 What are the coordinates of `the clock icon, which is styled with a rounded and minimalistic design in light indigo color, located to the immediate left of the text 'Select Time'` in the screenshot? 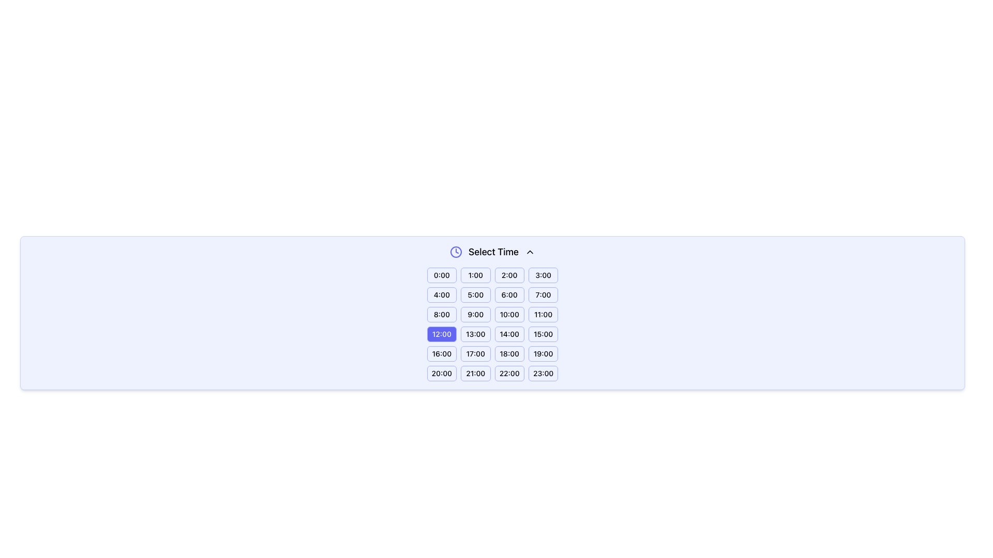 It's located at (456, 252).